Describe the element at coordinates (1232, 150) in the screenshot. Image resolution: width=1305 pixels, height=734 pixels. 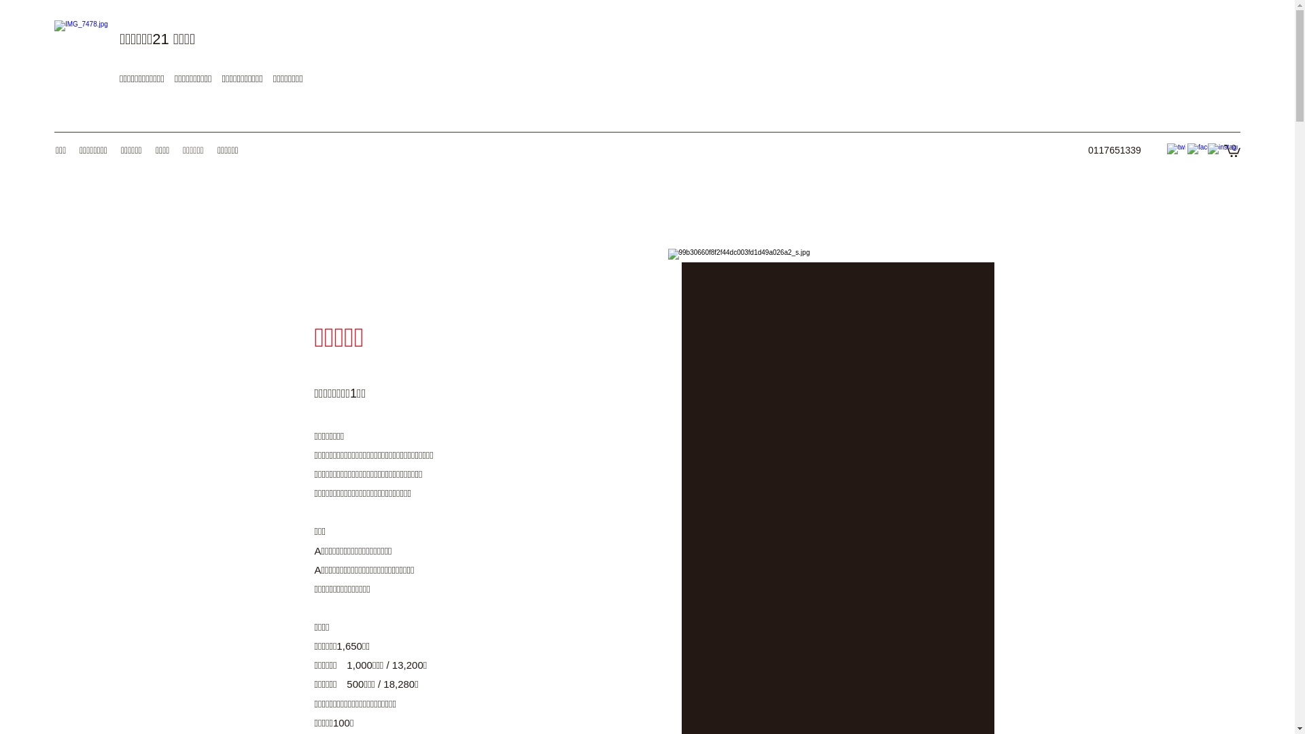
I see `'0'` at that location.